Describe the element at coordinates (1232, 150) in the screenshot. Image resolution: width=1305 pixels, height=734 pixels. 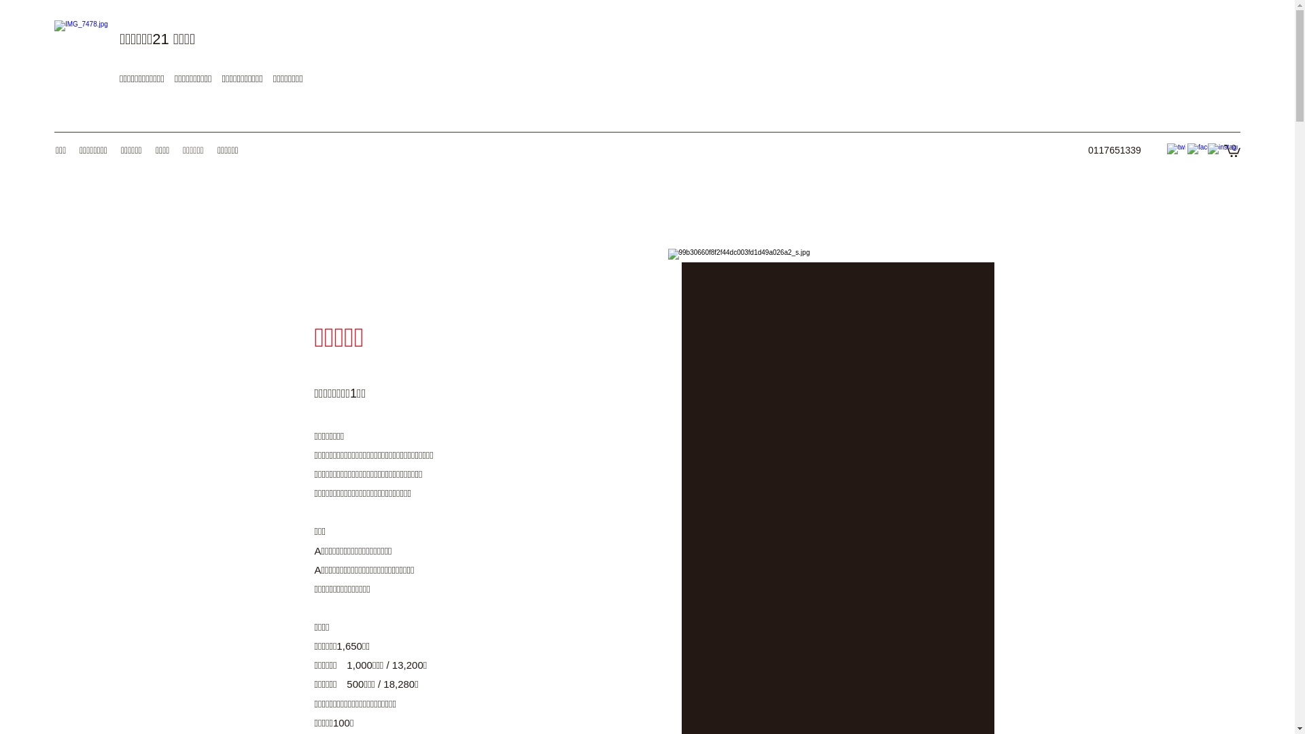
I see `'0'` at that location.